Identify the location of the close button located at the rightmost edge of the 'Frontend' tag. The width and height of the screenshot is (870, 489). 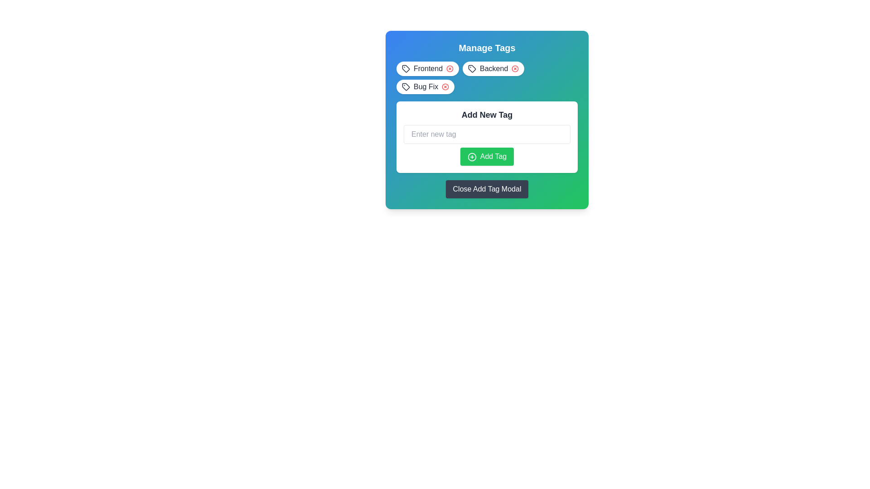
(450, 68).